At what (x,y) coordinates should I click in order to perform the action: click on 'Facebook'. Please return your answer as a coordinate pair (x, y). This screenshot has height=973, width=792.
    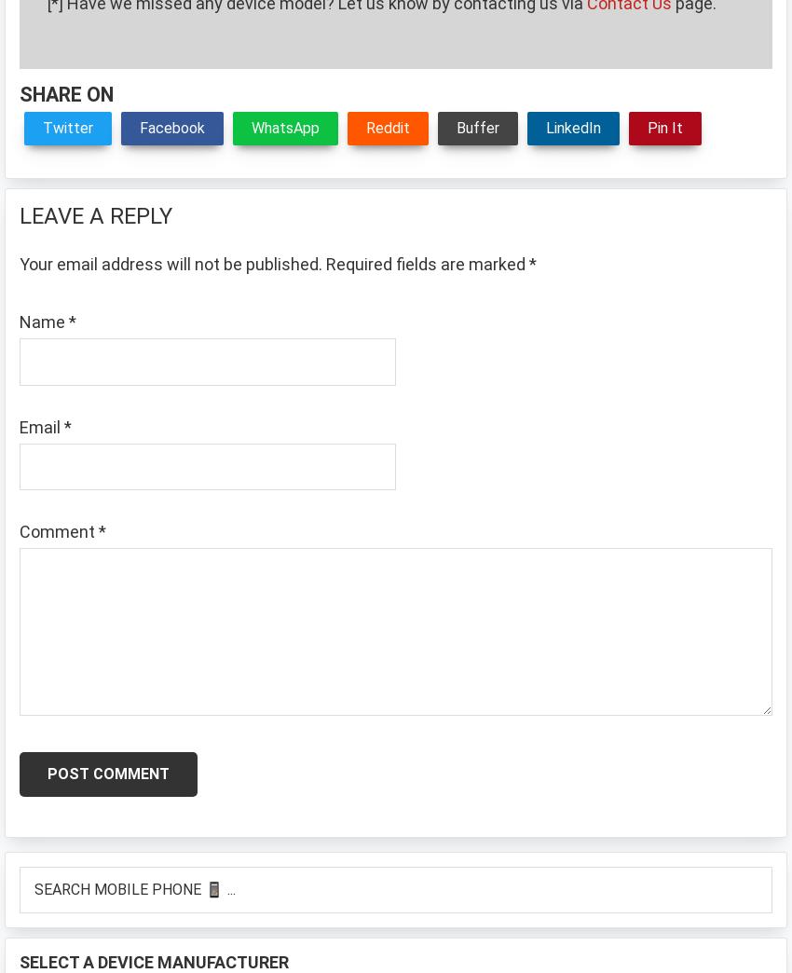
    Looking at the image, I should click on (171, 126).